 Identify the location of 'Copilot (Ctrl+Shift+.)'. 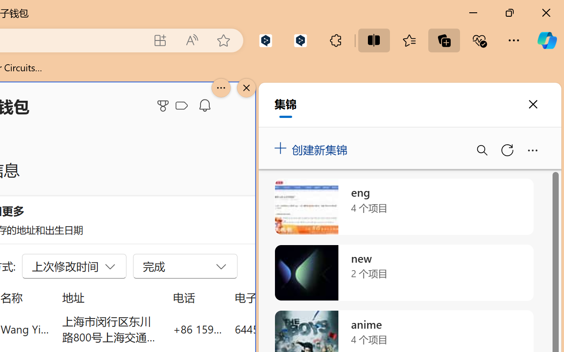
(546, 40).